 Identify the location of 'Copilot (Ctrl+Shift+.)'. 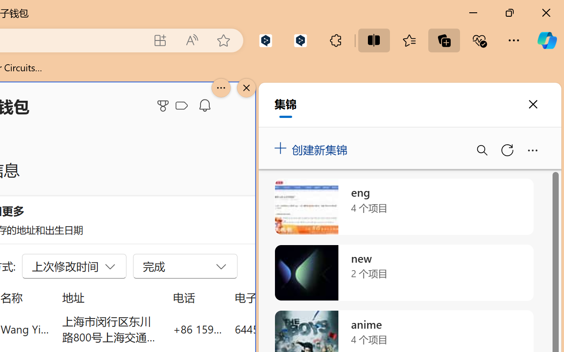
(546, 40).